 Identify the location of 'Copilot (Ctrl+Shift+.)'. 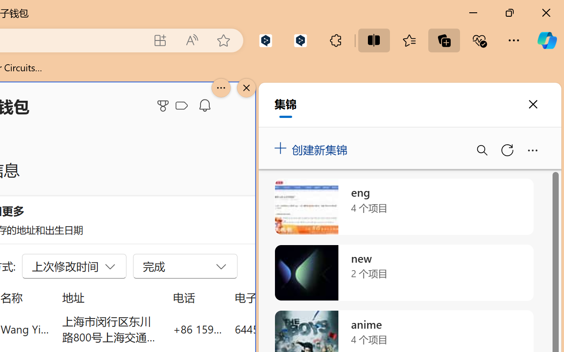
(546, 40).